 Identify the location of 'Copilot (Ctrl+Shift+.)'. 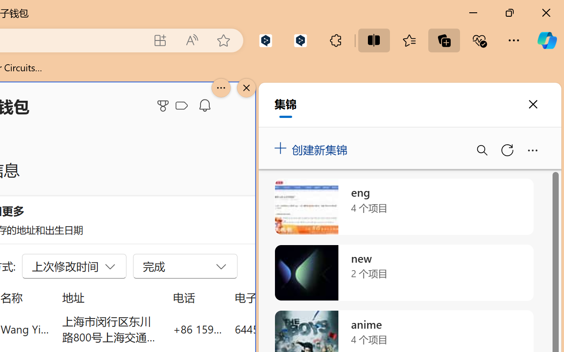
(546, 40).